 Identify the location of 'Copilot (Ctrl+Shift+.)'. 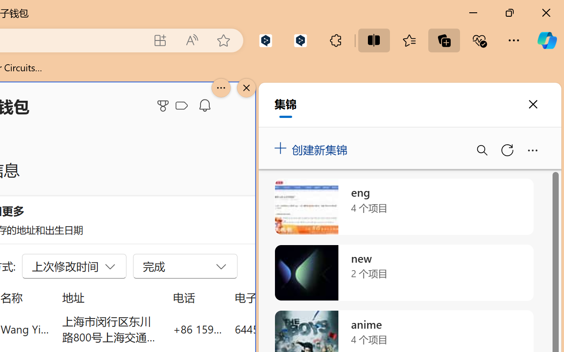
(546, 40).